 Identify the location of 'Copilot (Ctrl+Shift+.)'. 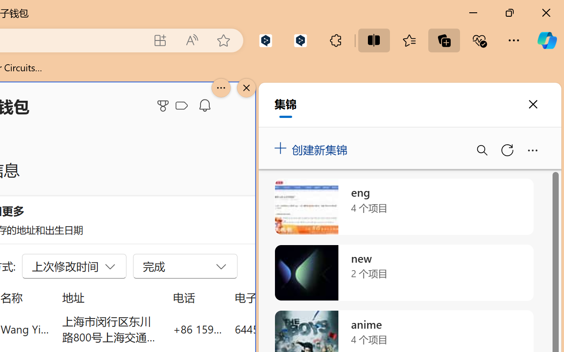
(546, 40).